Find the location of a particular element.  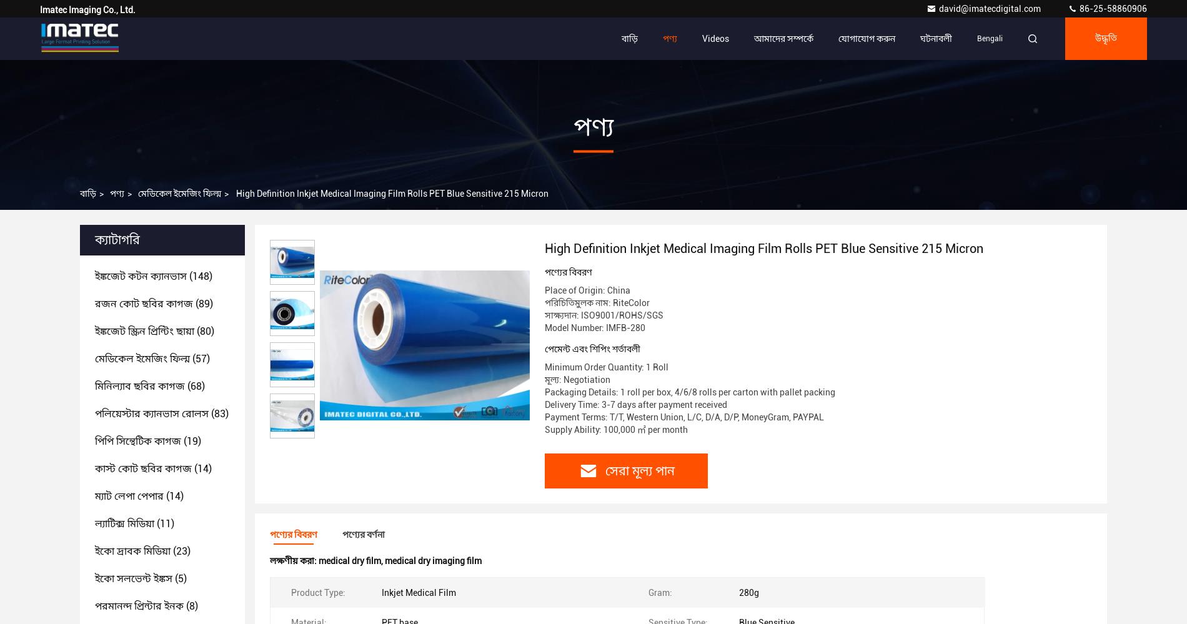

'(5)' is located at coordinates (179, 578).